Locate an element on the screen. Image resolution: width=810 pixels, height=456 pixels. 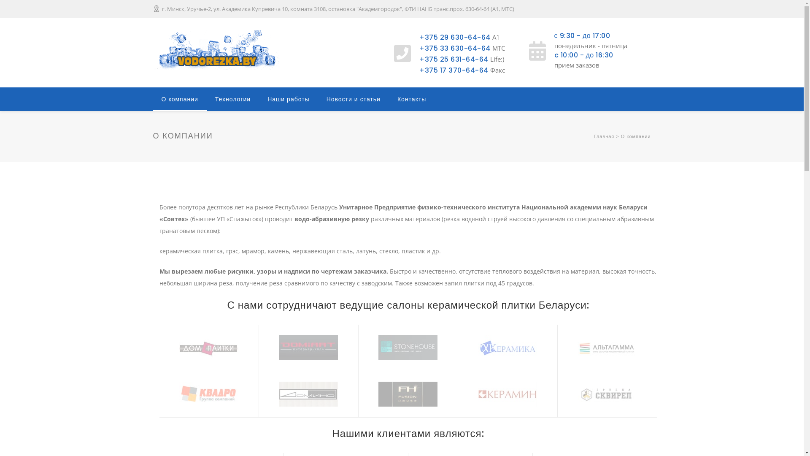
'+375 29 630-64-64' is located at coordinates (454, 37).